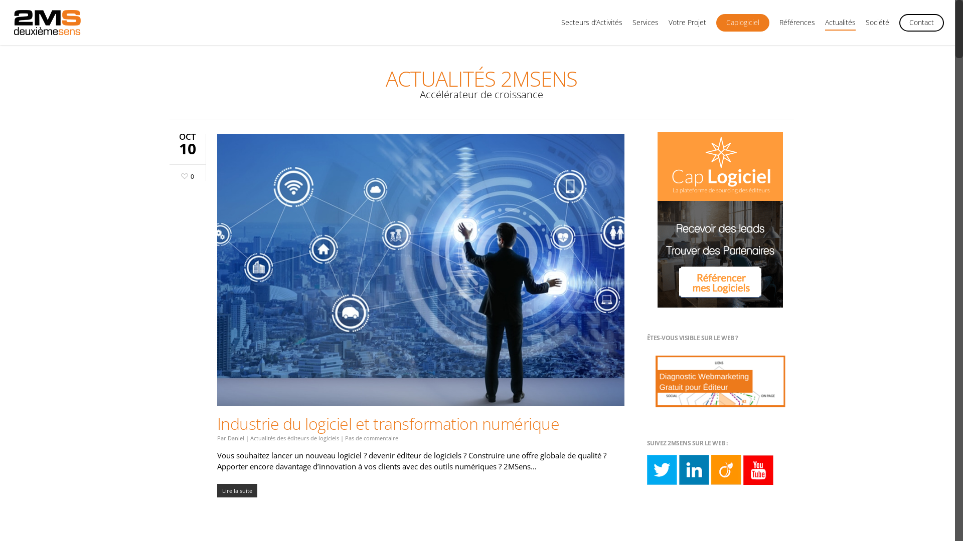 This screenshot has height=541, width=963. What do you see at coordinates (645, 27) in the screenshot?
I see `'Services'` at bounding box center [645, 27].